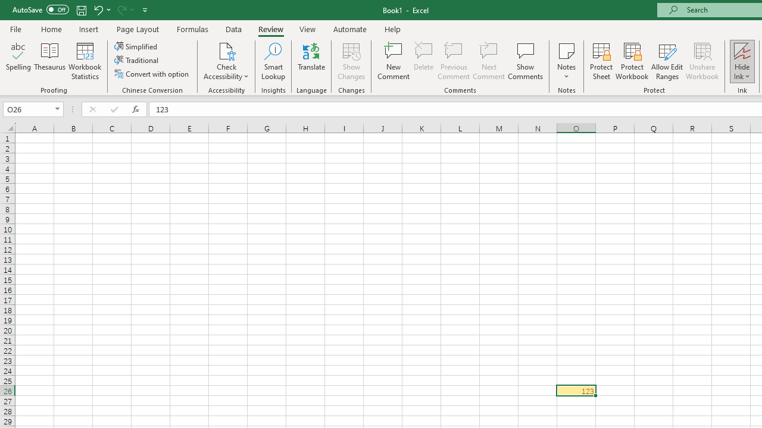 The height and width of the screenshot is (428, 762). Describe the element at coordinates (138, 60) in the screenshot. I see `'Traditional'` at that location.